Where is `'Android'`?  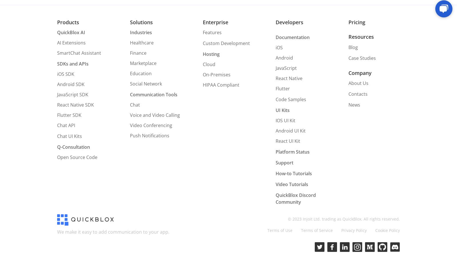
'Android' is located at coordinates (275, 58).